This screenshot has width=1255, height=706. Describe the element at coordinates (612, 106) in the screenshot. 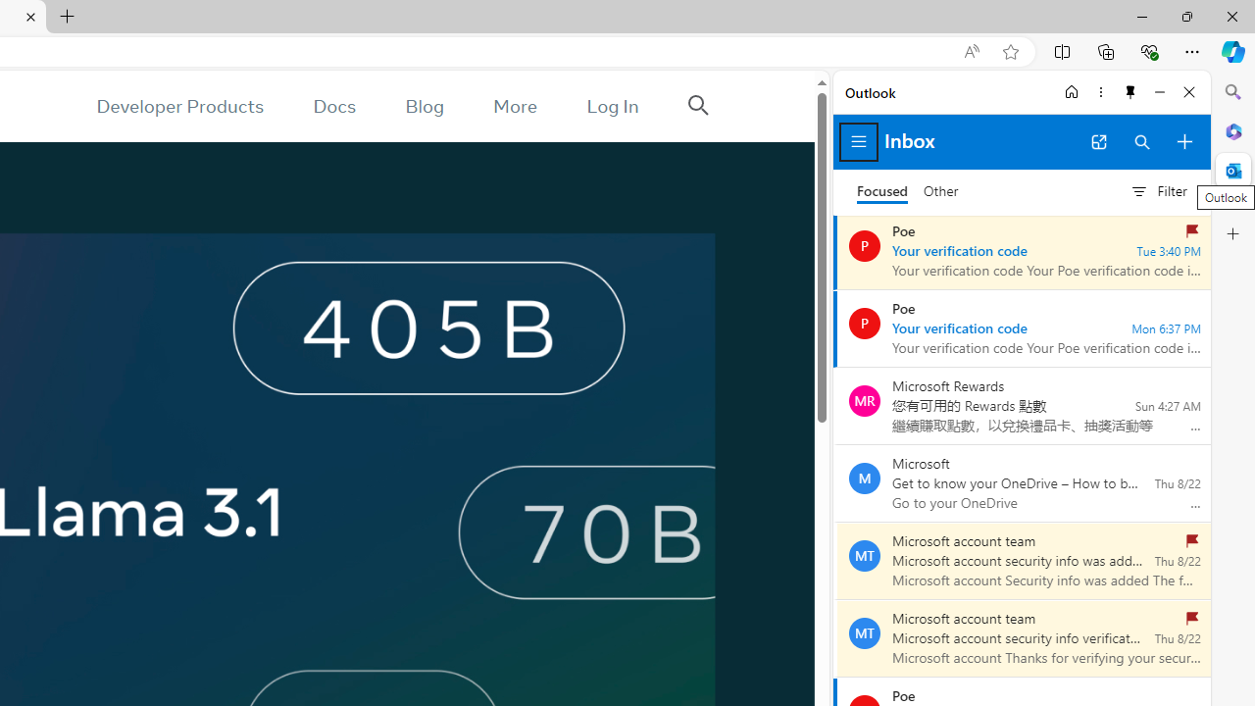

I see `'Log In'` at that location.